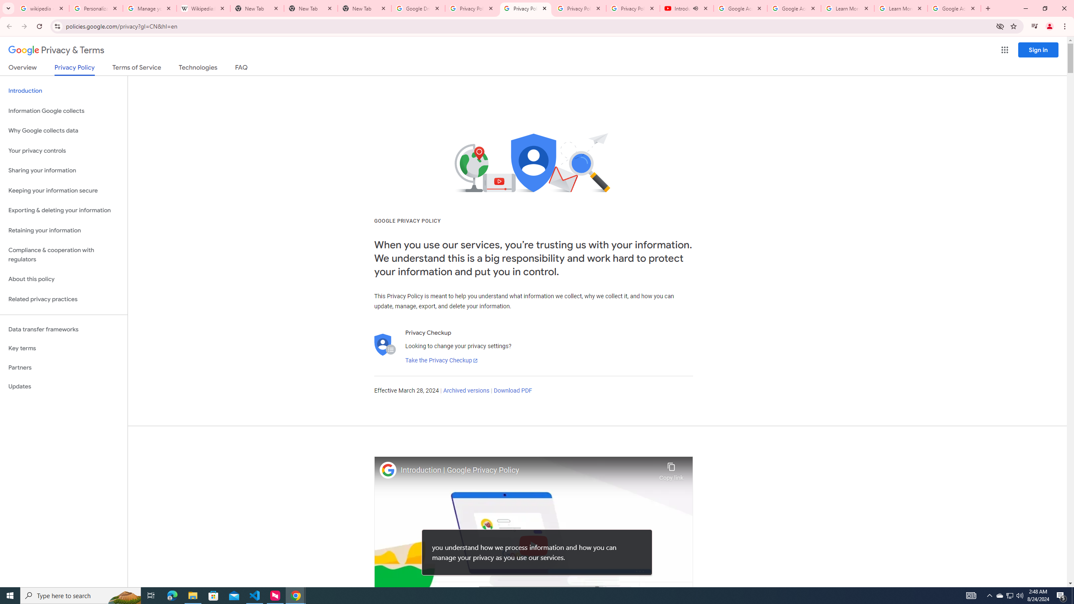 The height and width of the screenshot is (604, 1074). Describe the element at coordinates (63, 255) in the screenshot. I see `'Compliance & cooperation with regulators'` at that location.